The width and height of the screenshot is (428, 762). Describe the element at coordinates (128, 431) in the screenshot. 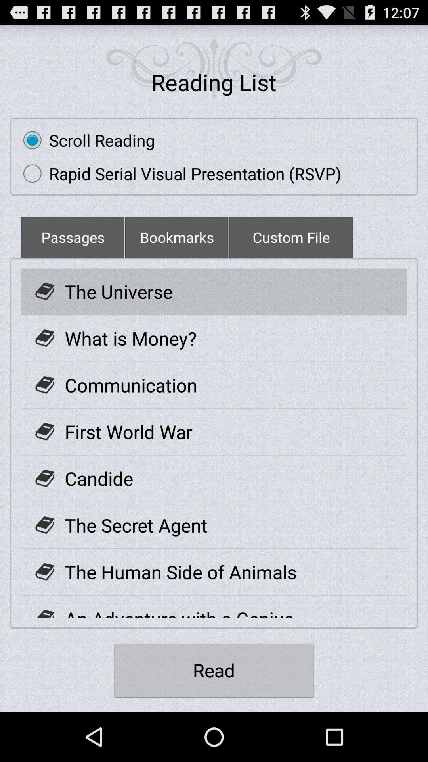

I see `the icon below communication icon` at that location.